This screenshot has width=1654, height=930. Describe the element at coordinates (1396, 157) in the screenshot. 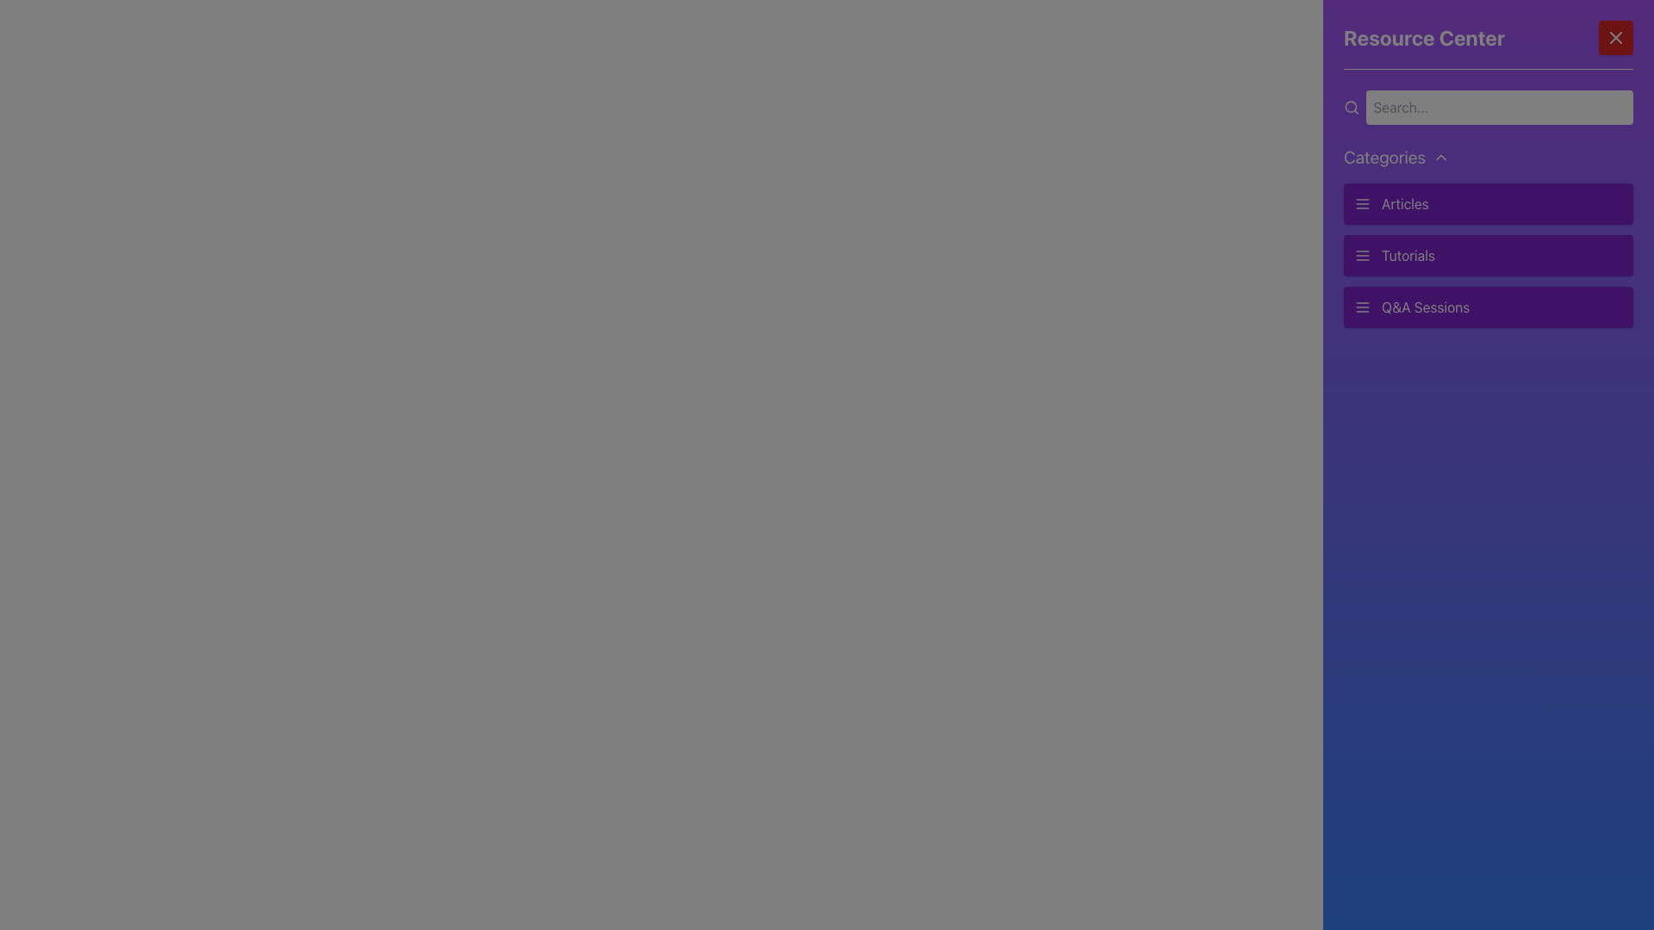

I see `the 'Categories' button using keyboard navigation` at that location.